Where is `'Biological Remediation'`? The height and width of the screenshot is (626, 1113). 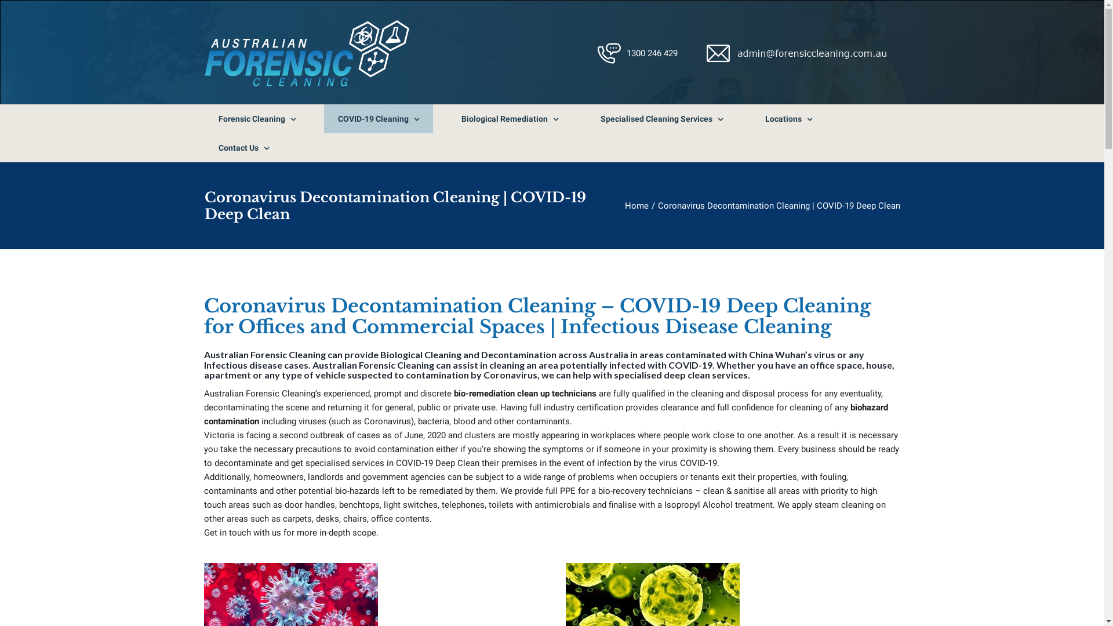 'Biological Remediation' is located at coordinates (510, 118).